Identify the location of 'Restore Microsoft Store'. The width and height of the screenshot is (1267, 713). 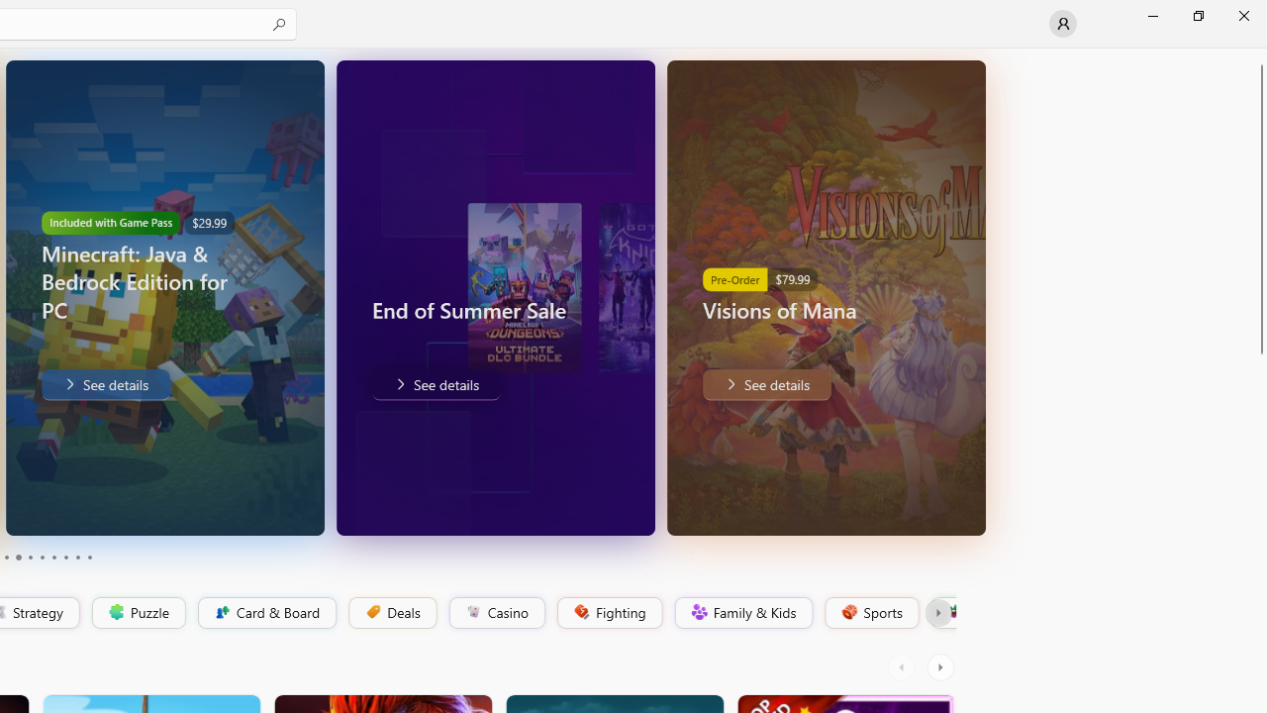
(1197, 15).